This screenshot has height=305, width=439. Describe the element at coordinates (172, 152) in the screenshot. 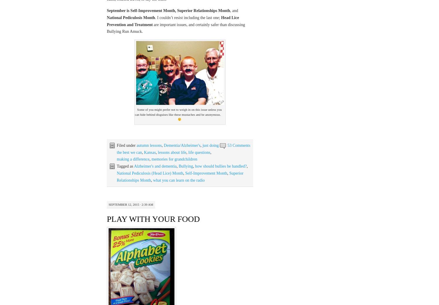

I see `'lessons about life'` at that location.